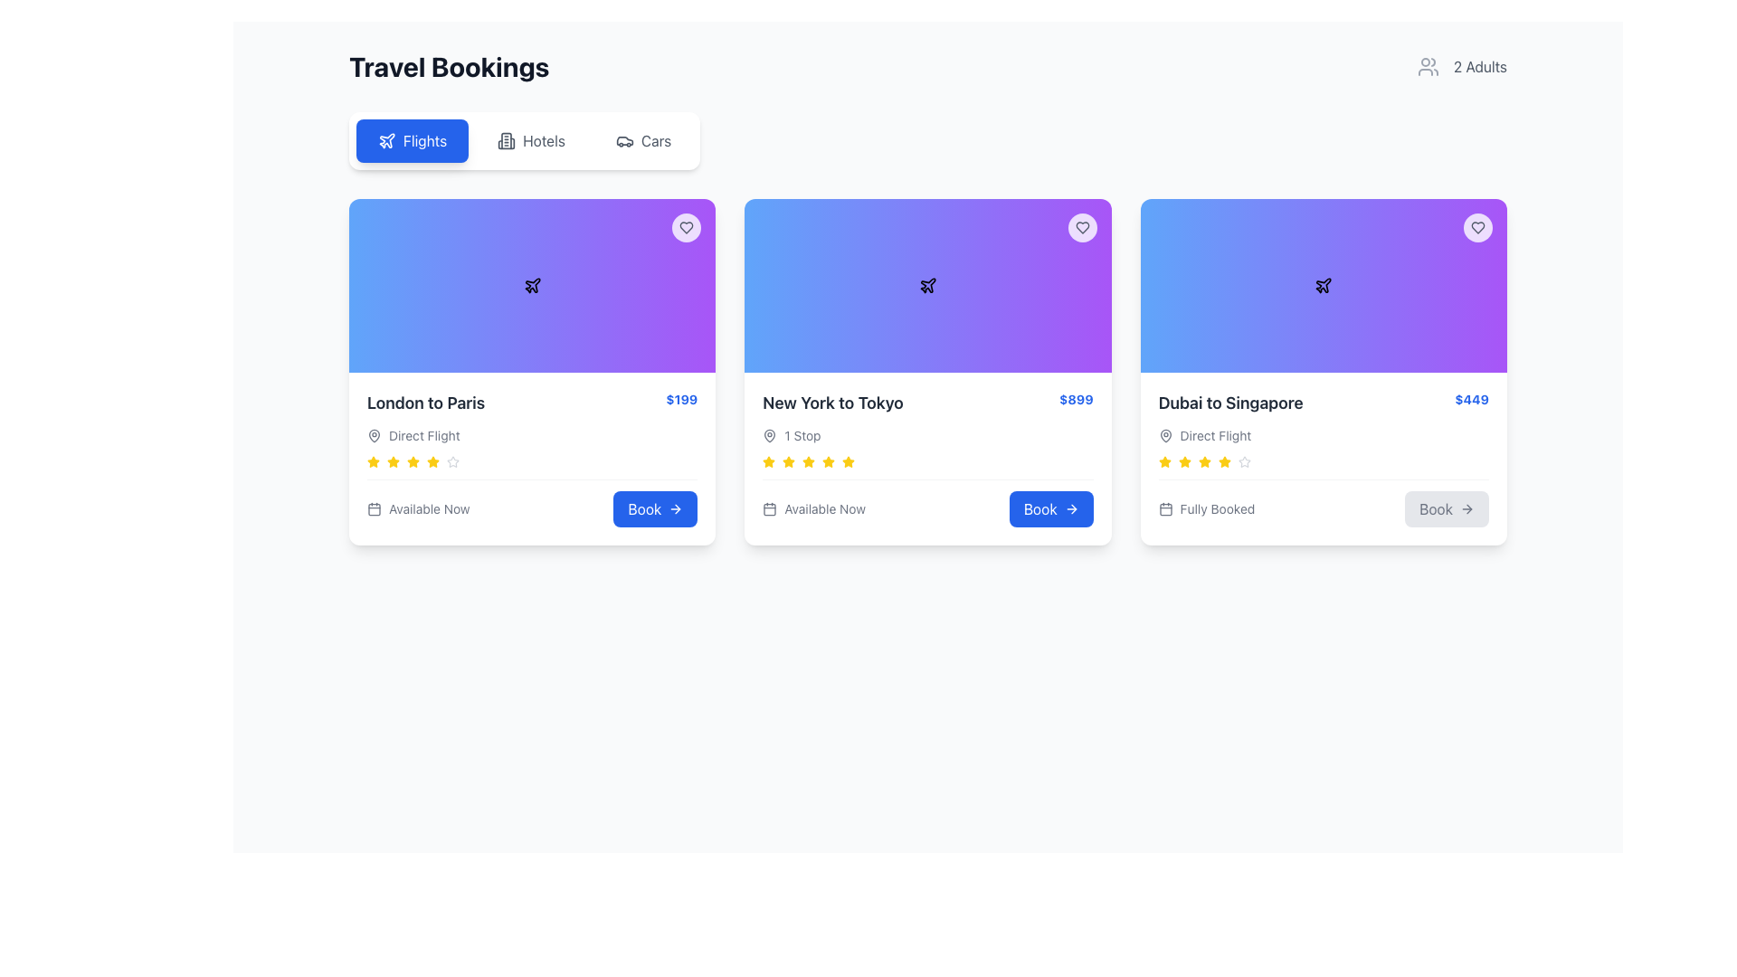 Image resolution: width=1737 pixels, height=977 pixels. Describe the element at coordinates (423, 436) in the screenshot. I see `the static text label displaying 'Direct Flight', which is located in the first card for the 'London to Paris' travel option, positioned in the lower half of the card next to a small map pin icon` at that location.